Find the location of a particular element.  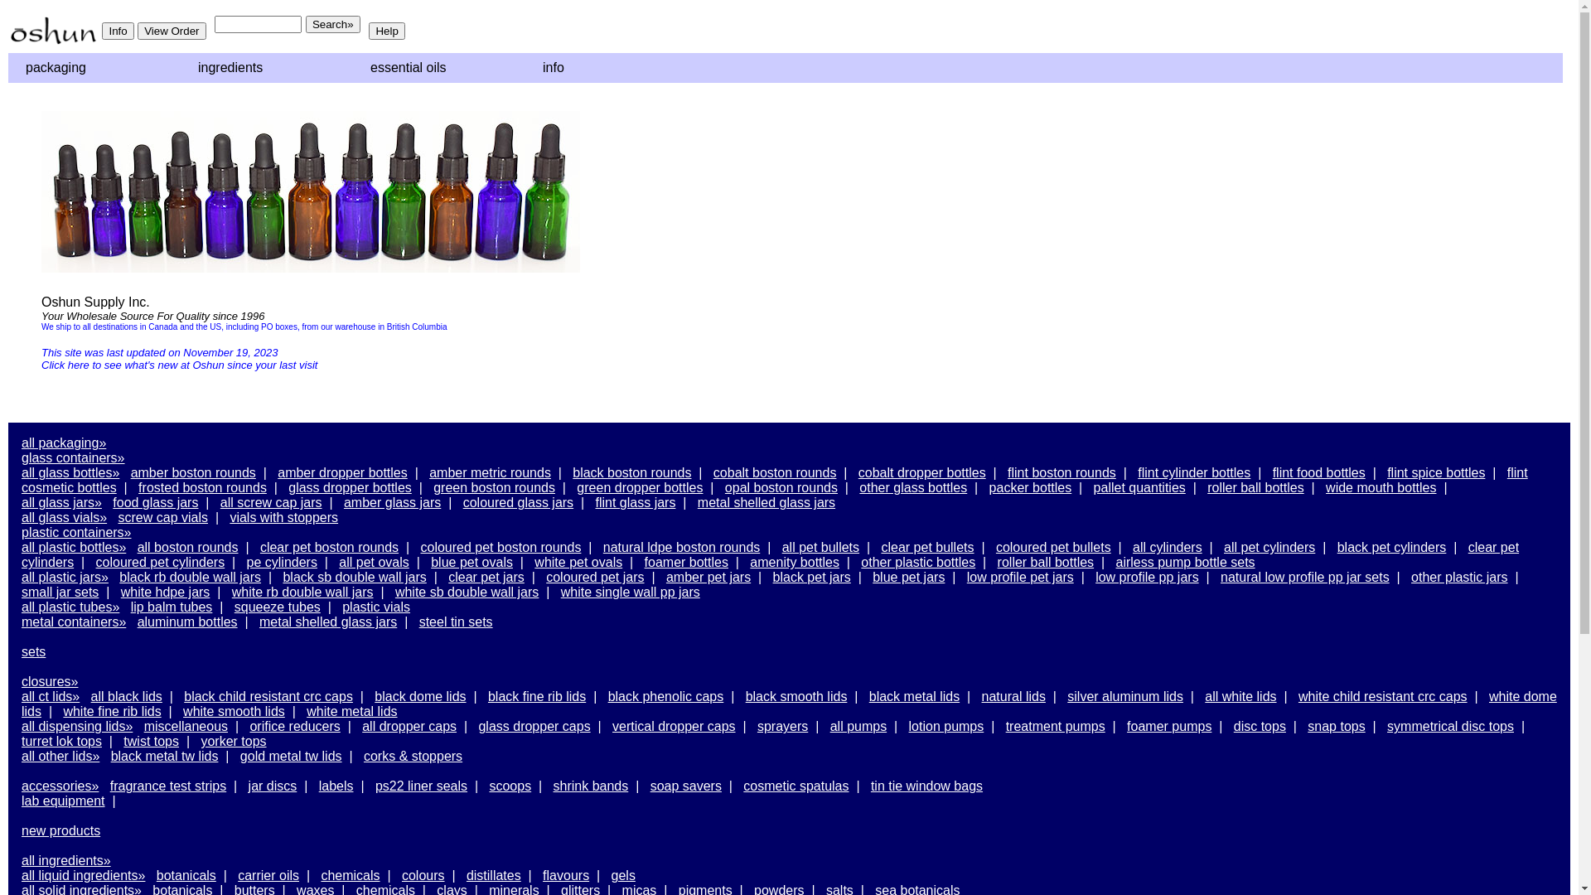

'other glass bottles' is located at coordinates (858, 486).